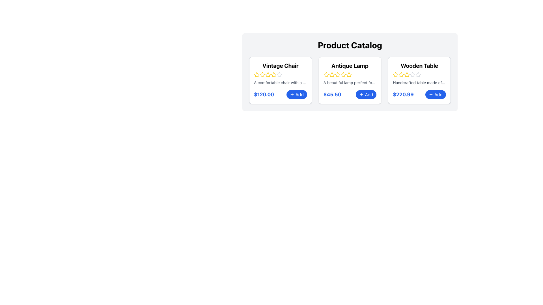  What do you see at coordinates (326, 74) in the screenshot?
I see `the second star icon with a yellow outline in the rating system for the 'Antique Lamp' product` at bounding box center [326, 74].